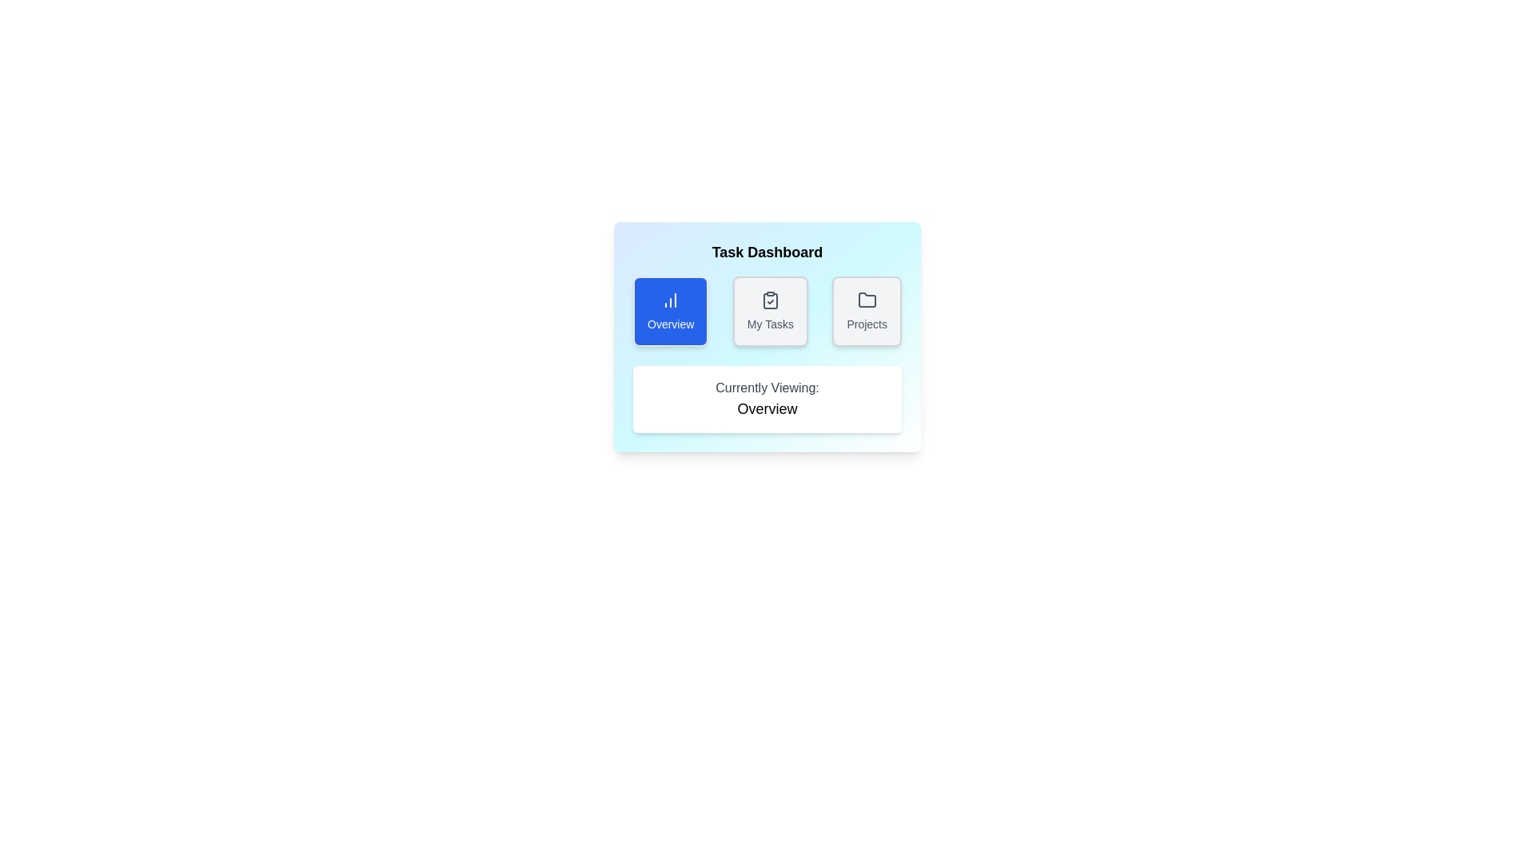 The image size is (1535, 863). I want to click on the icon of the tab labeled 'Projects' for inspection, so click(866, 300).